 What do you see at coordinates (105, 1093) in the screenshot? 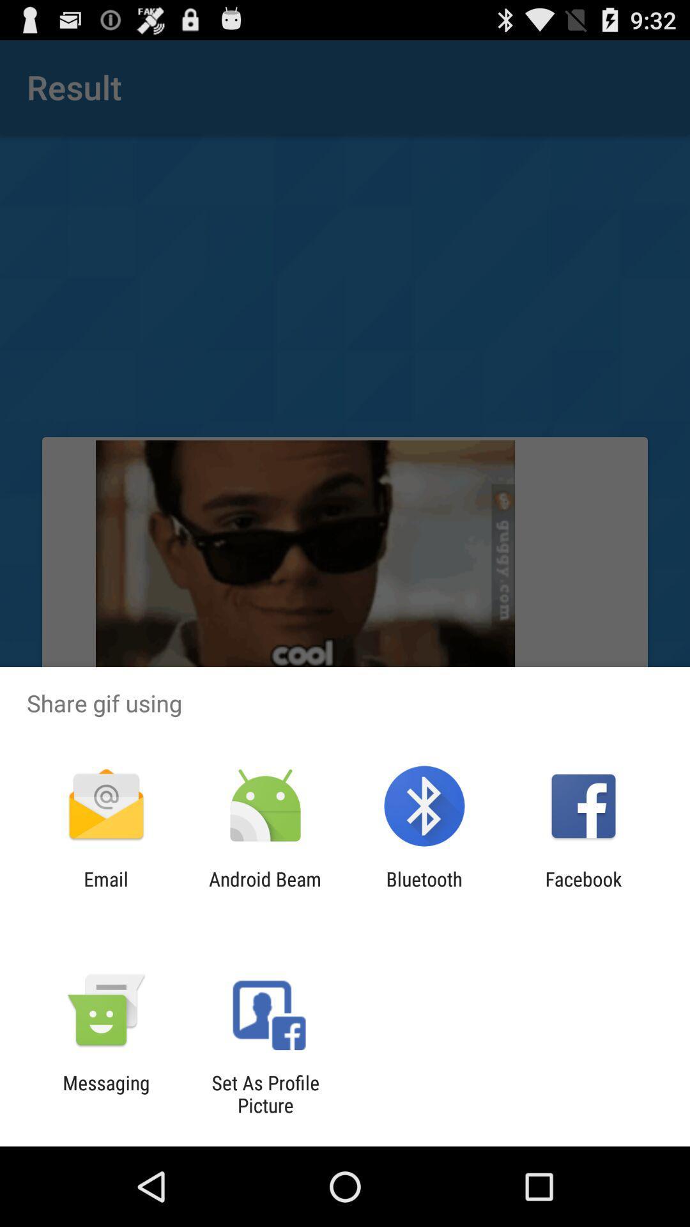
I see `icon next to set as profile icon` at bounding box center [105, 1093].